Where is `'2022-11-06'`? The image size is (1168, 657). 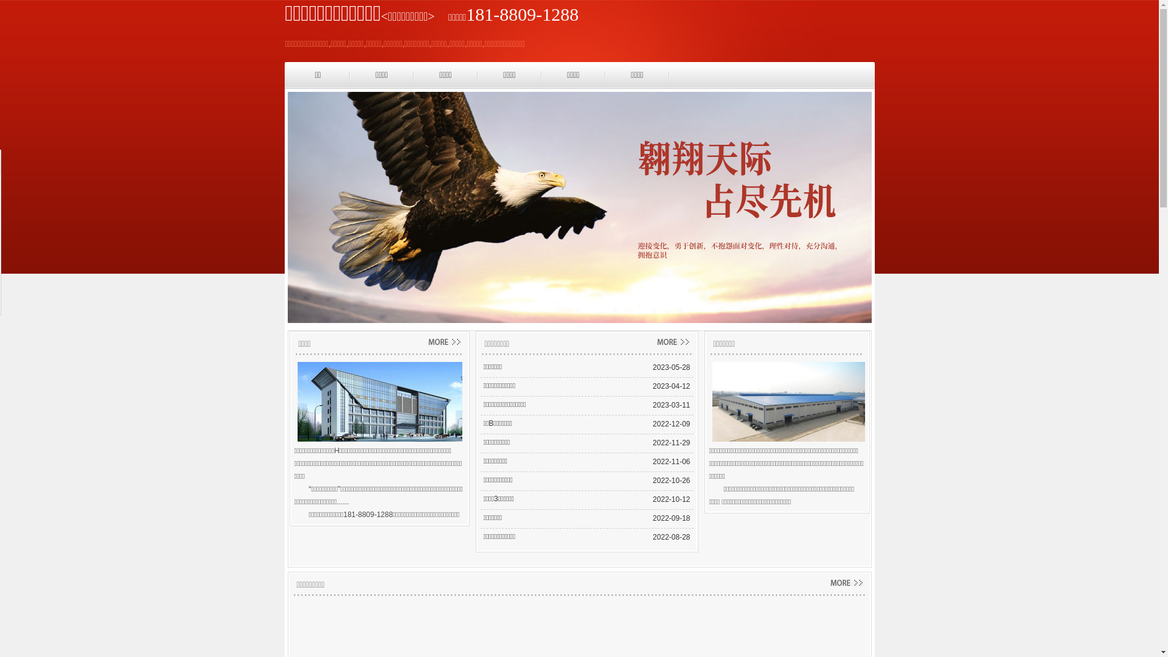
'2022-11-06' is located at coordinates (670, 462).